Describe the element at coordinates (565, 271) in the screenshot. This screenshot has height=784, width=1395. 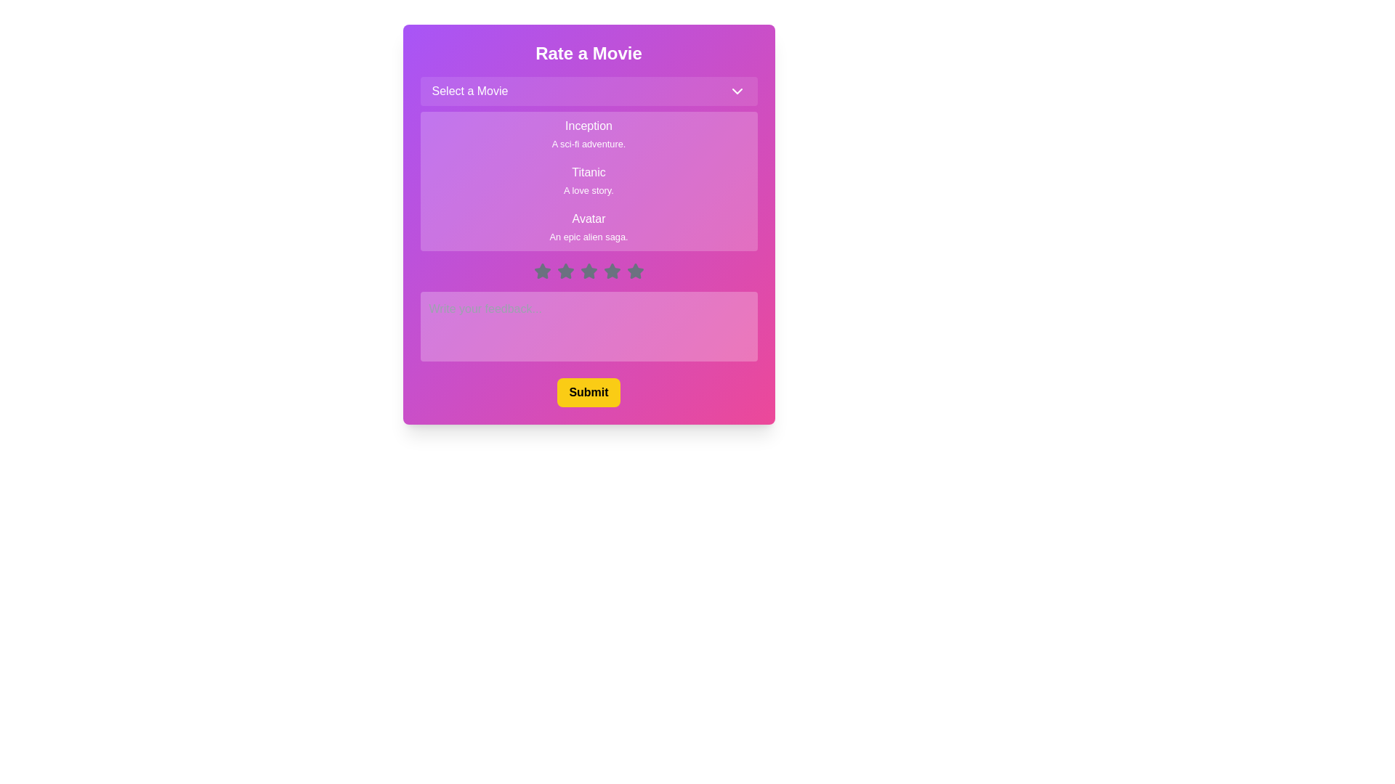
I see `the third star icon in the horizontal row of five stars` at that location.